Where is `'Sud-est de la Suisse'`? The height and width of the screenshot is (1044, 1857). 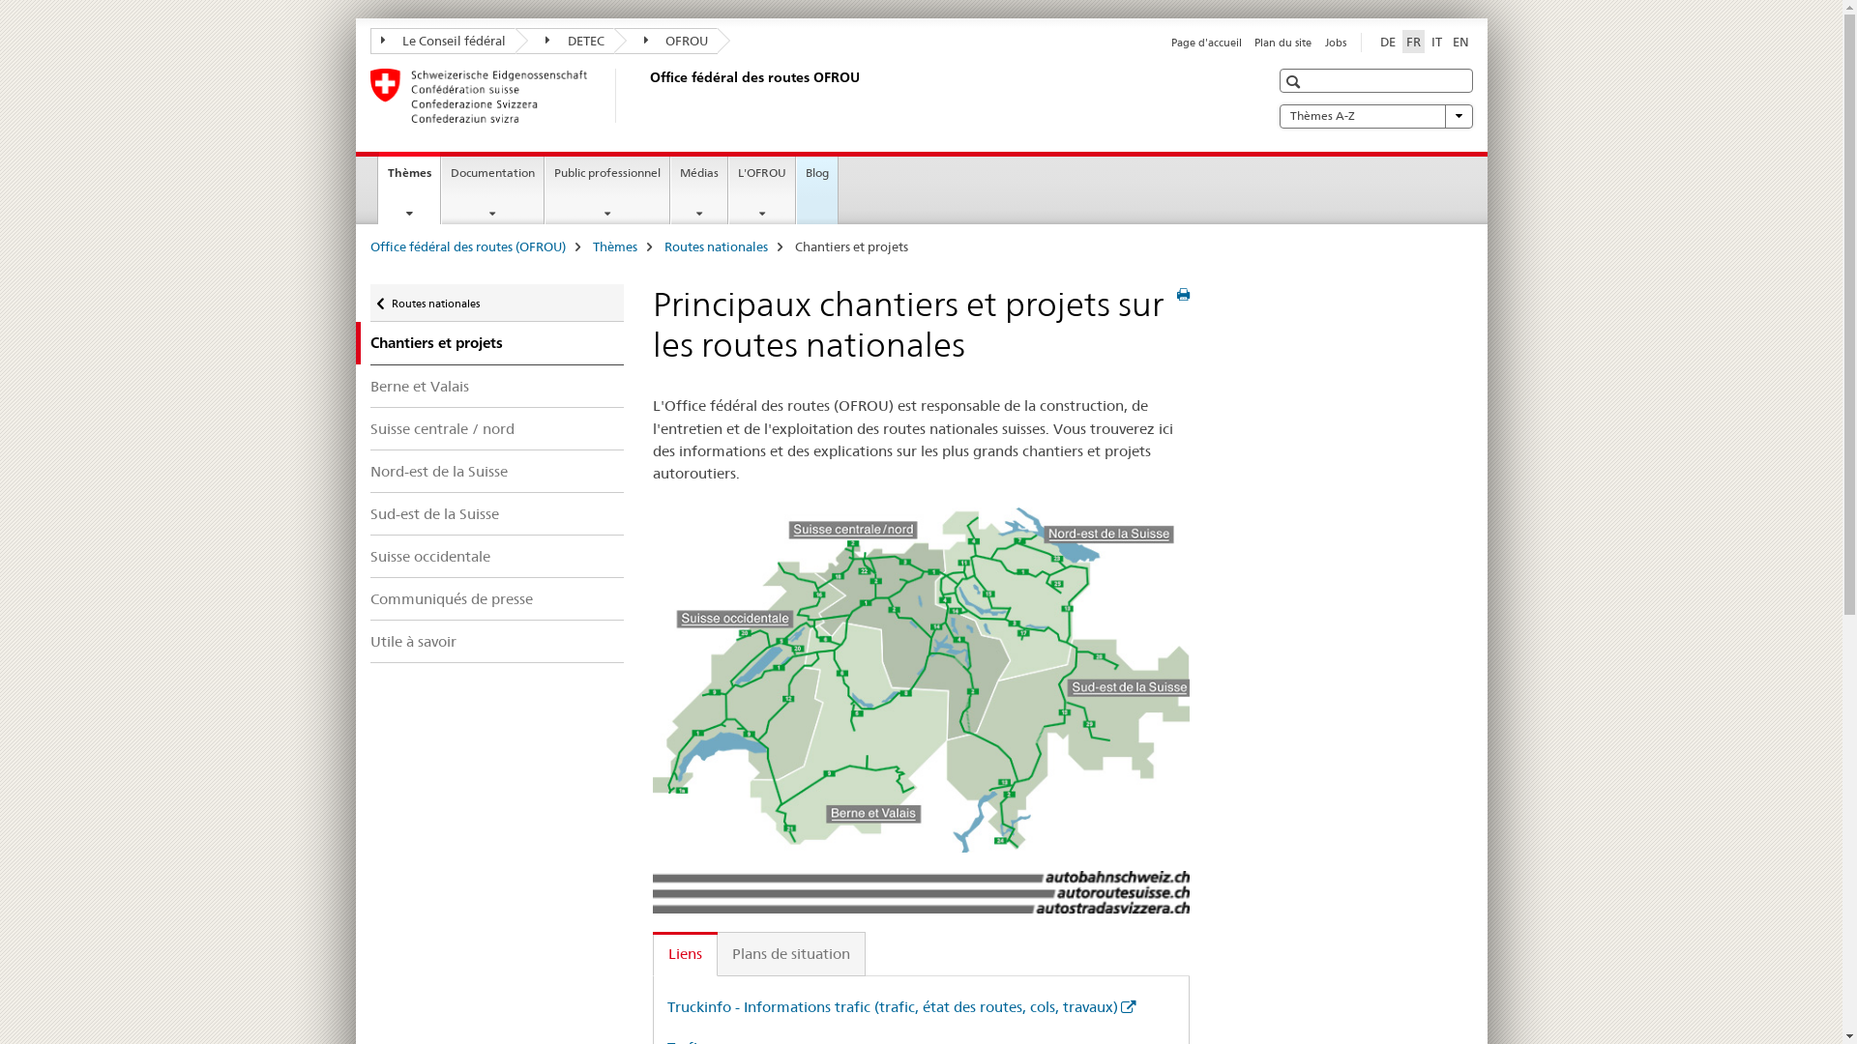
'Sud-est de la Suisse' is located at coordinates (496, 512).